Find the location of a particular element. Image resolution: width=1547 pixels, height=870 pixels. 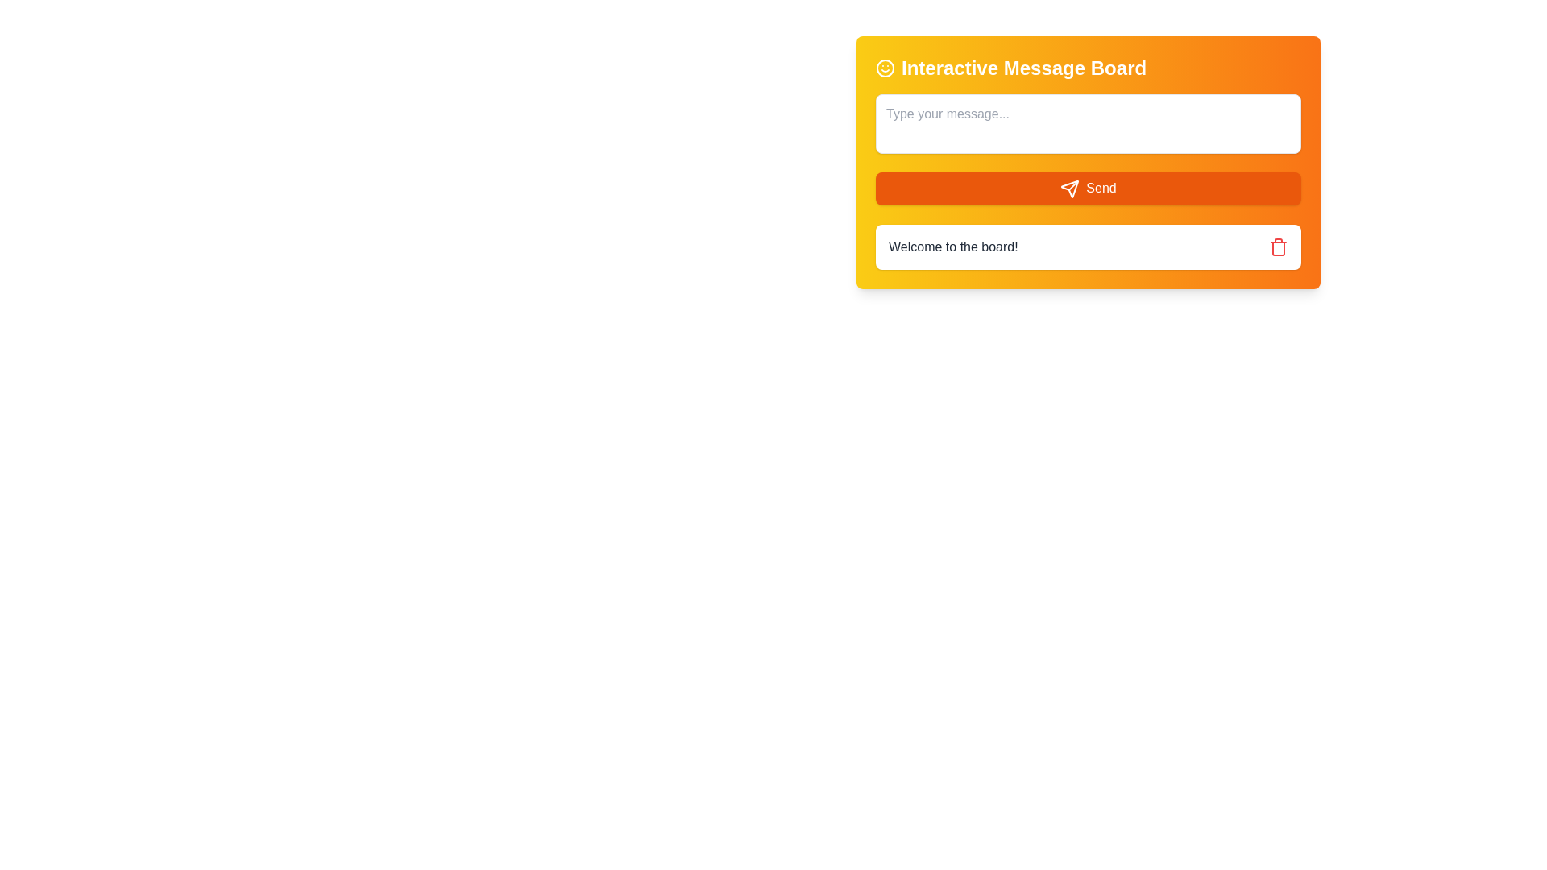

the yellow circular graphic component with a white outline, which is part of the smiling face icon, located to the left of the 'Interactive Message Board' title is located at coordinates (885, 67).